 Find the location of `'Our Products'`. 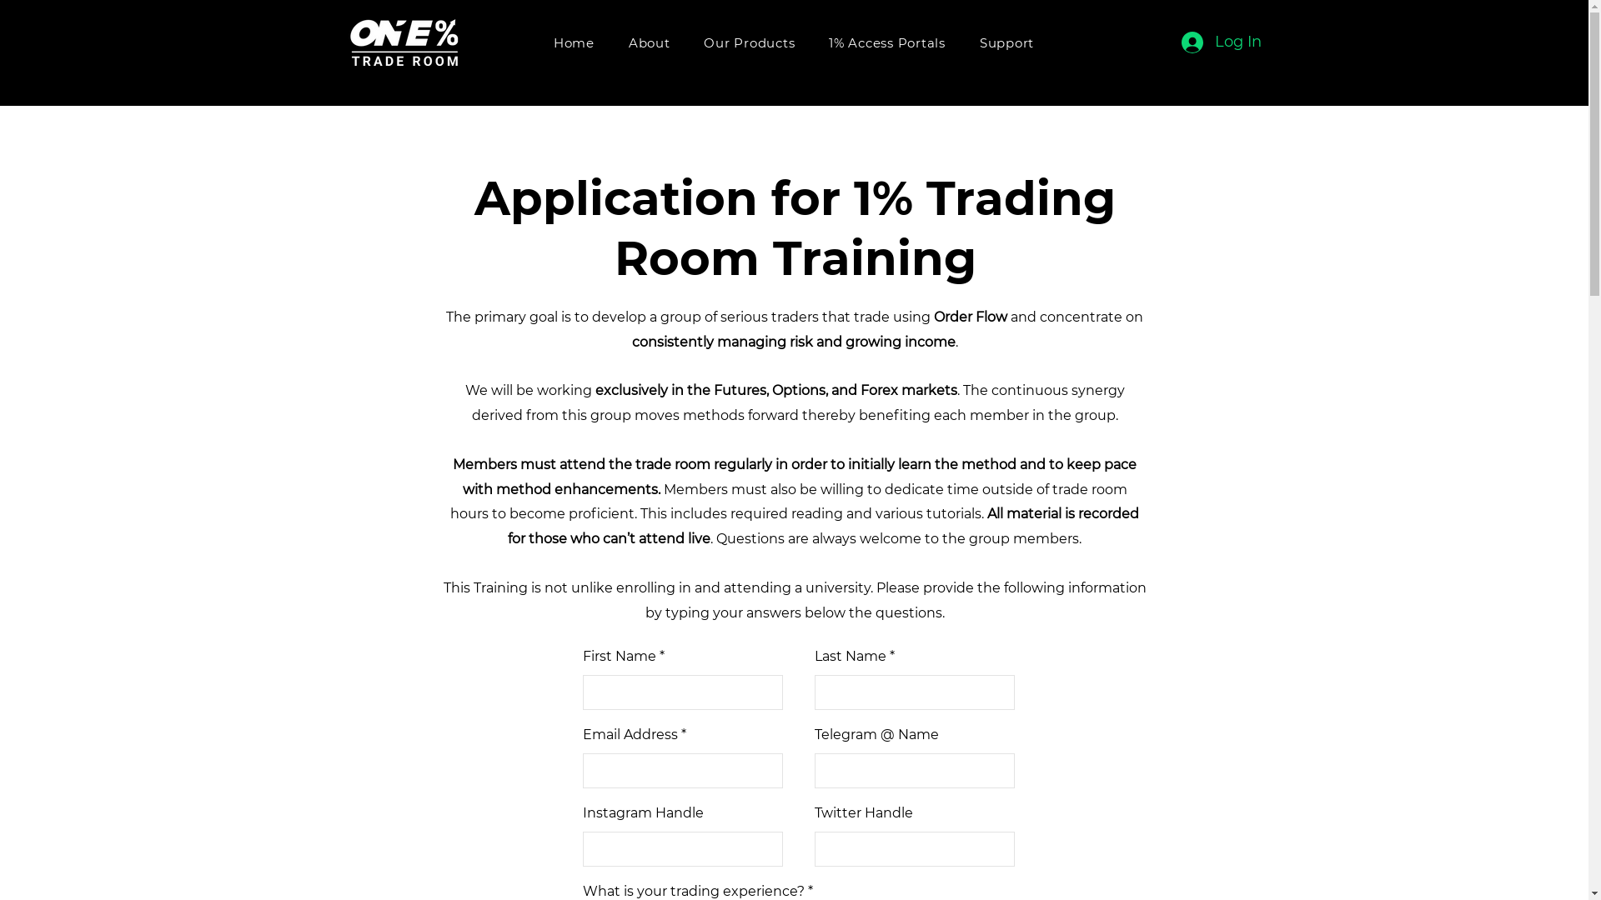

'Our Products' is located at coordinates (748, 42).